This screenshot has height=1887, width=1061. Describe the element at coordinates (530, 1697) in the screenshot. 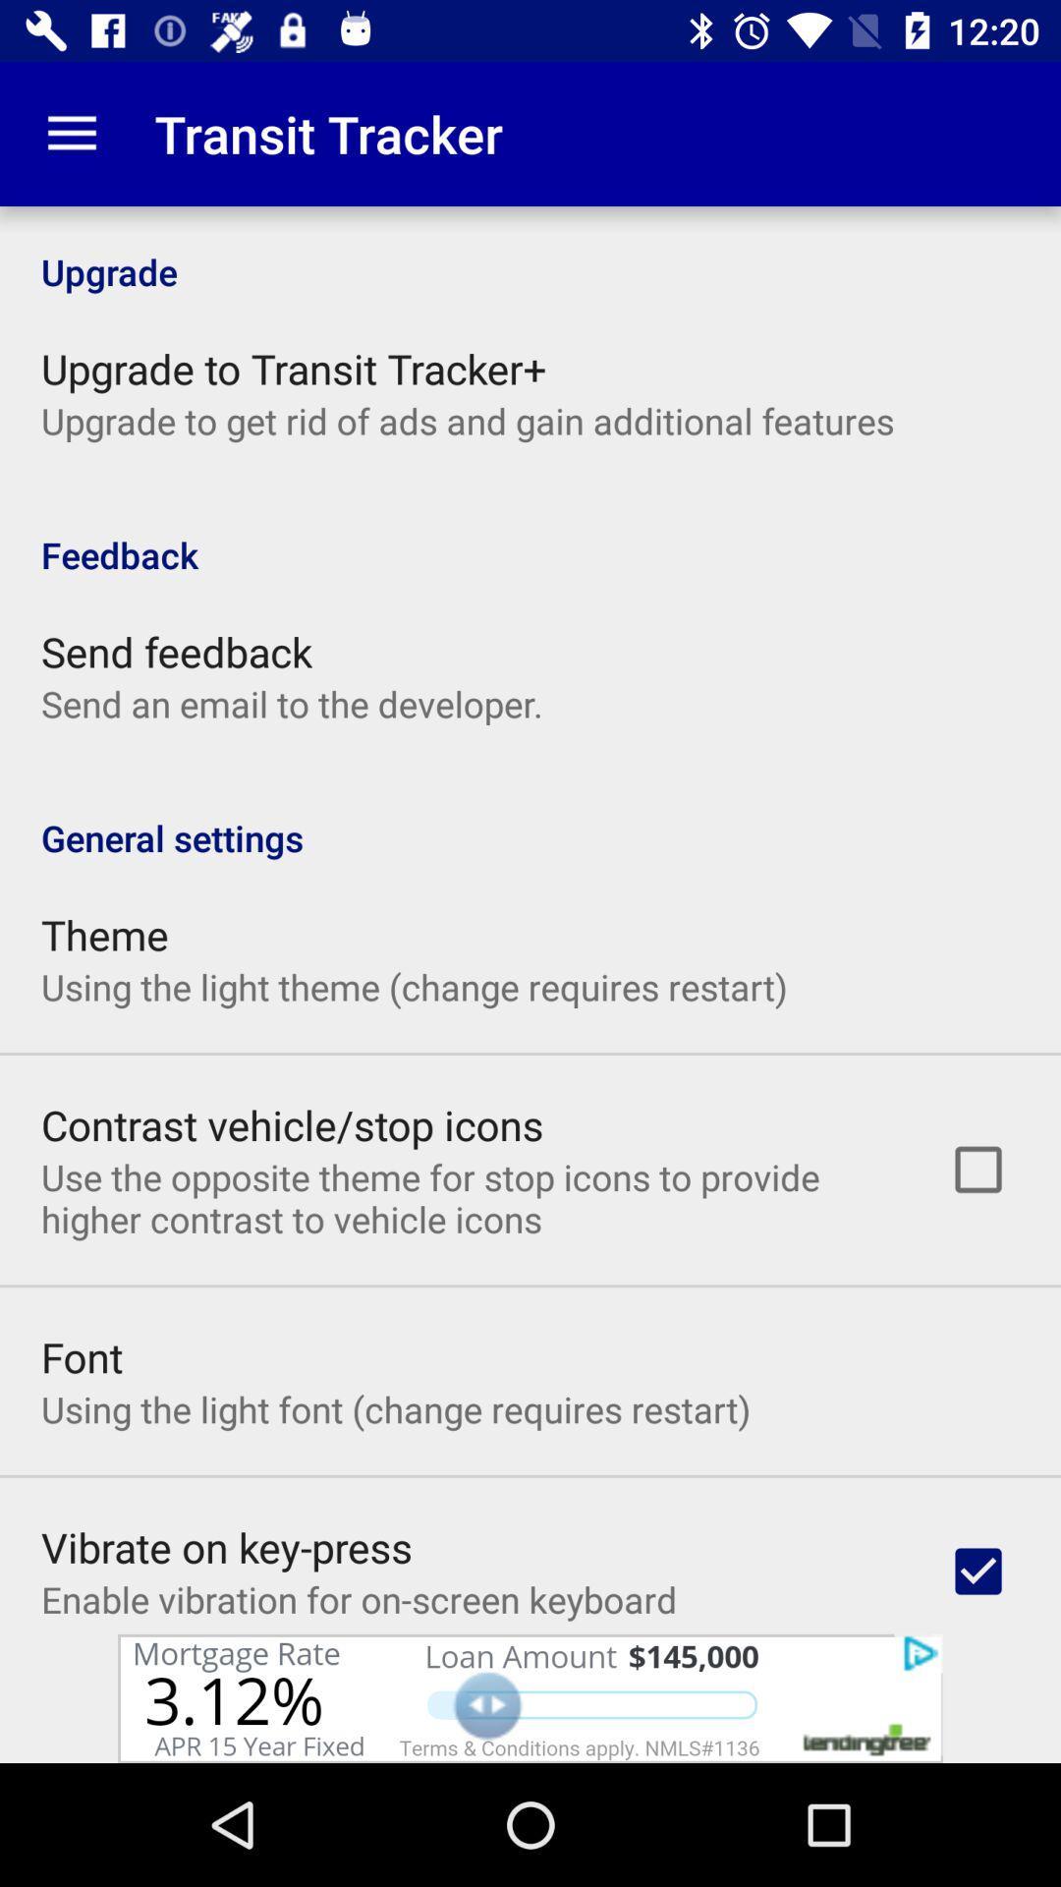

I see `a page for a loan company` at that location.